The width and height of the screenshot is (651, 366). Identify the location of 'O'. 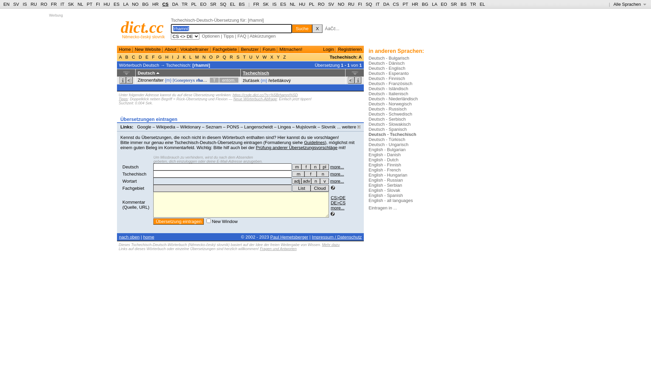
(210, 57).